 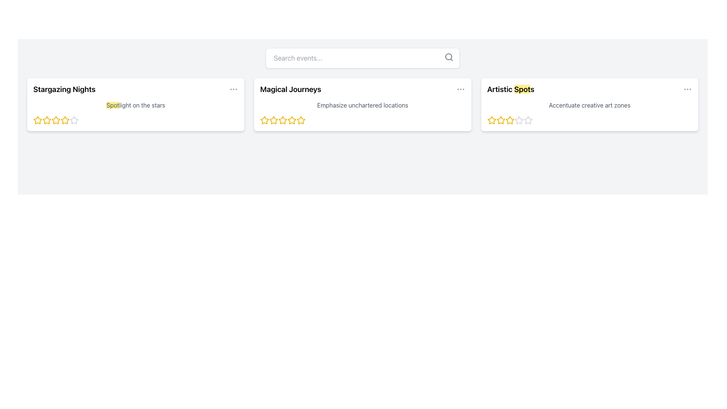 What do you see at coordinates (589, 105) in the screenshot?
I see `the descriptive subtitle element below the title 'Artistic Spots' in the third content card` at bounding box center [589, 105].